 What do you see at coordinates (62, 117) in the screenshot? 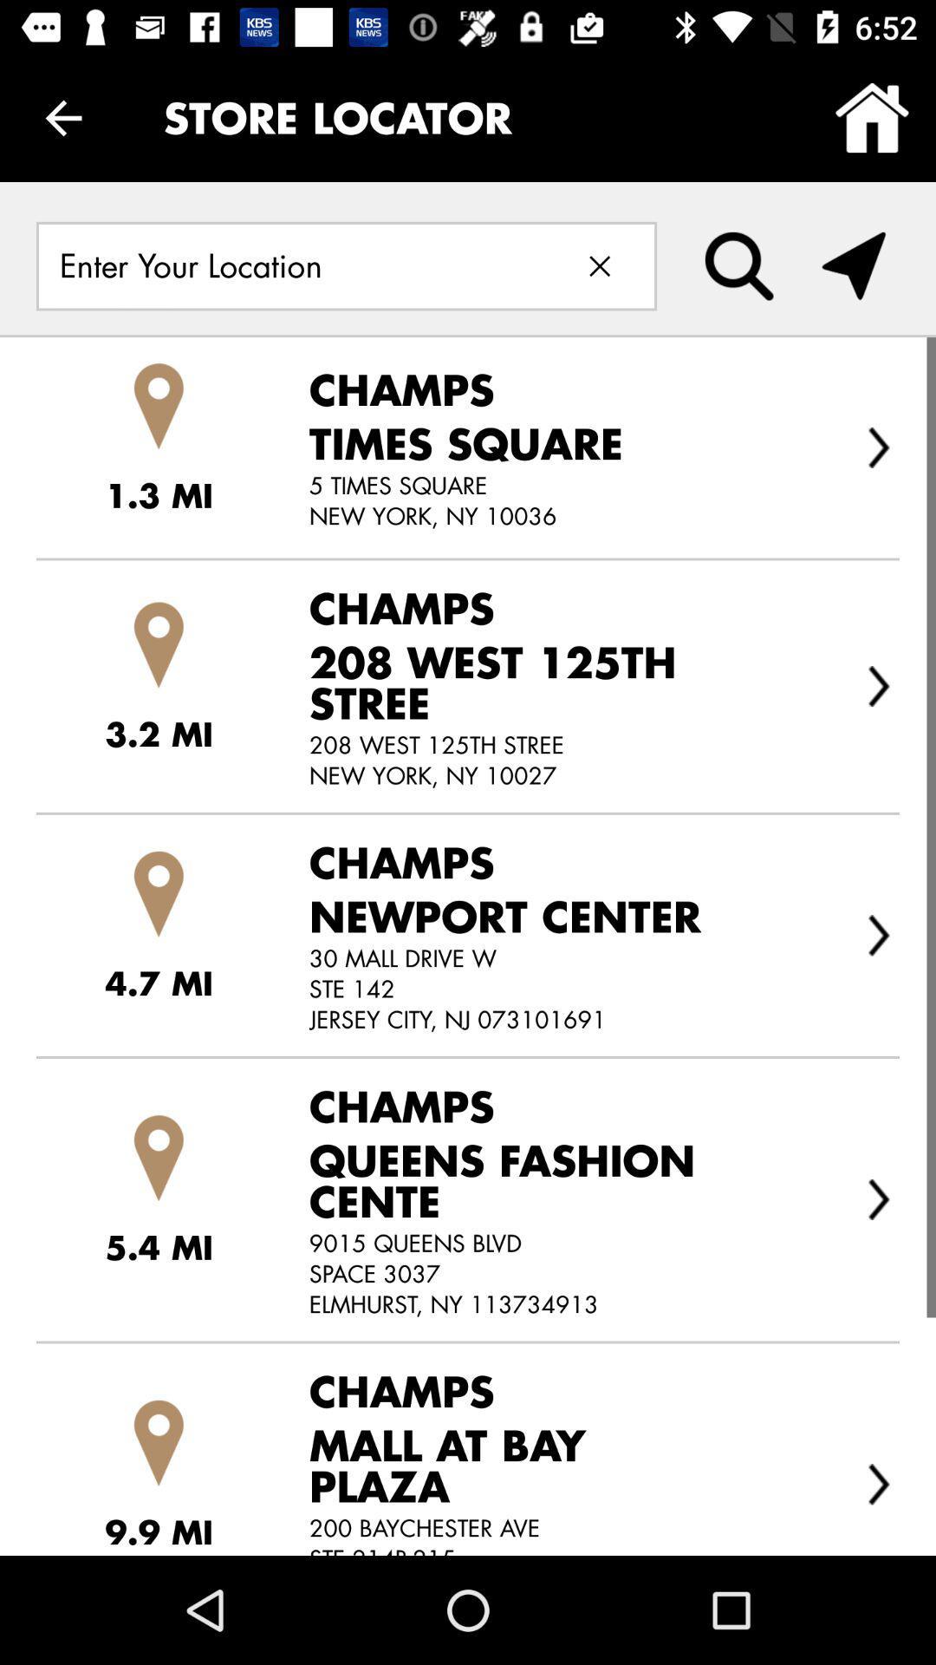
I see `the item to the left of the store locator icon` at bounding box center [62, 117].